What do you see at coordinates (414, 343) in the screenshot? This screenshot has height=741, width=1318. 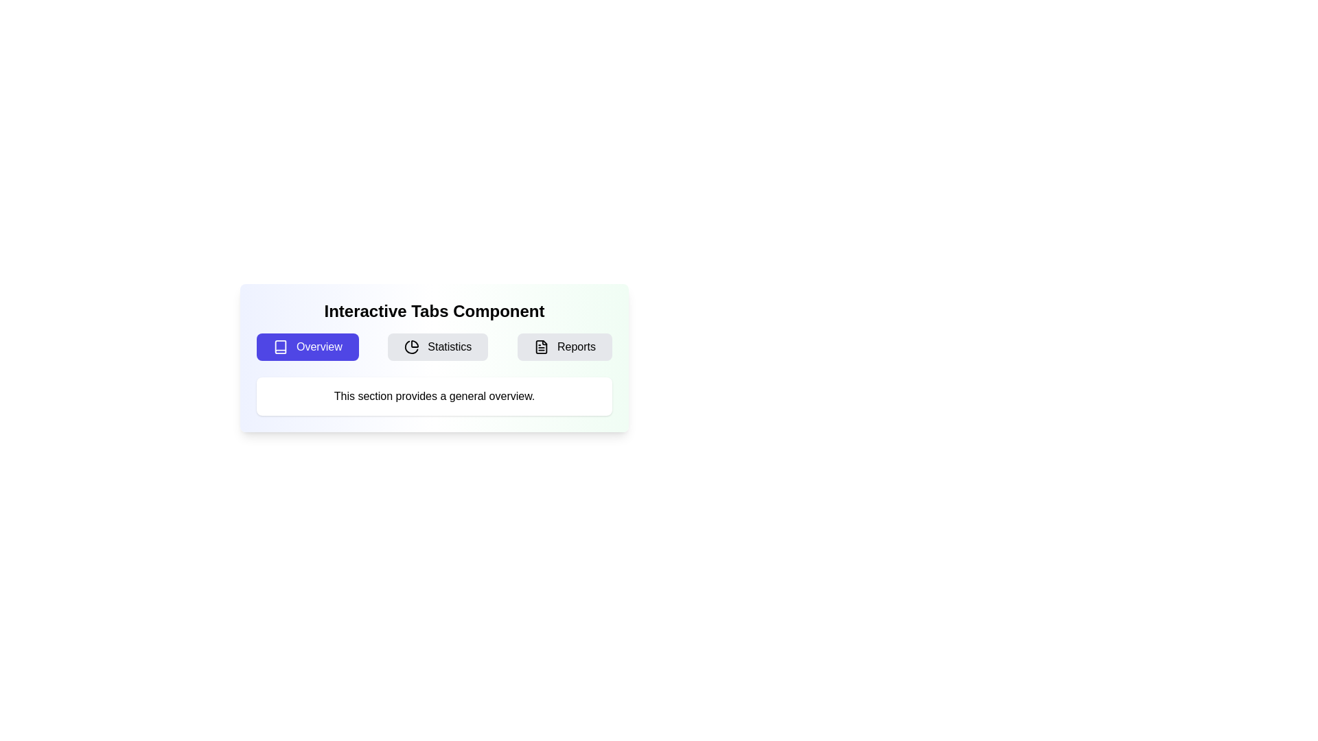 I see `the pie chart-like icon in the 'Statistics' tab, which is located between the 'Overview' and 'Reports' tabs in the tab navigation interface` at bounding box center [414, 343].